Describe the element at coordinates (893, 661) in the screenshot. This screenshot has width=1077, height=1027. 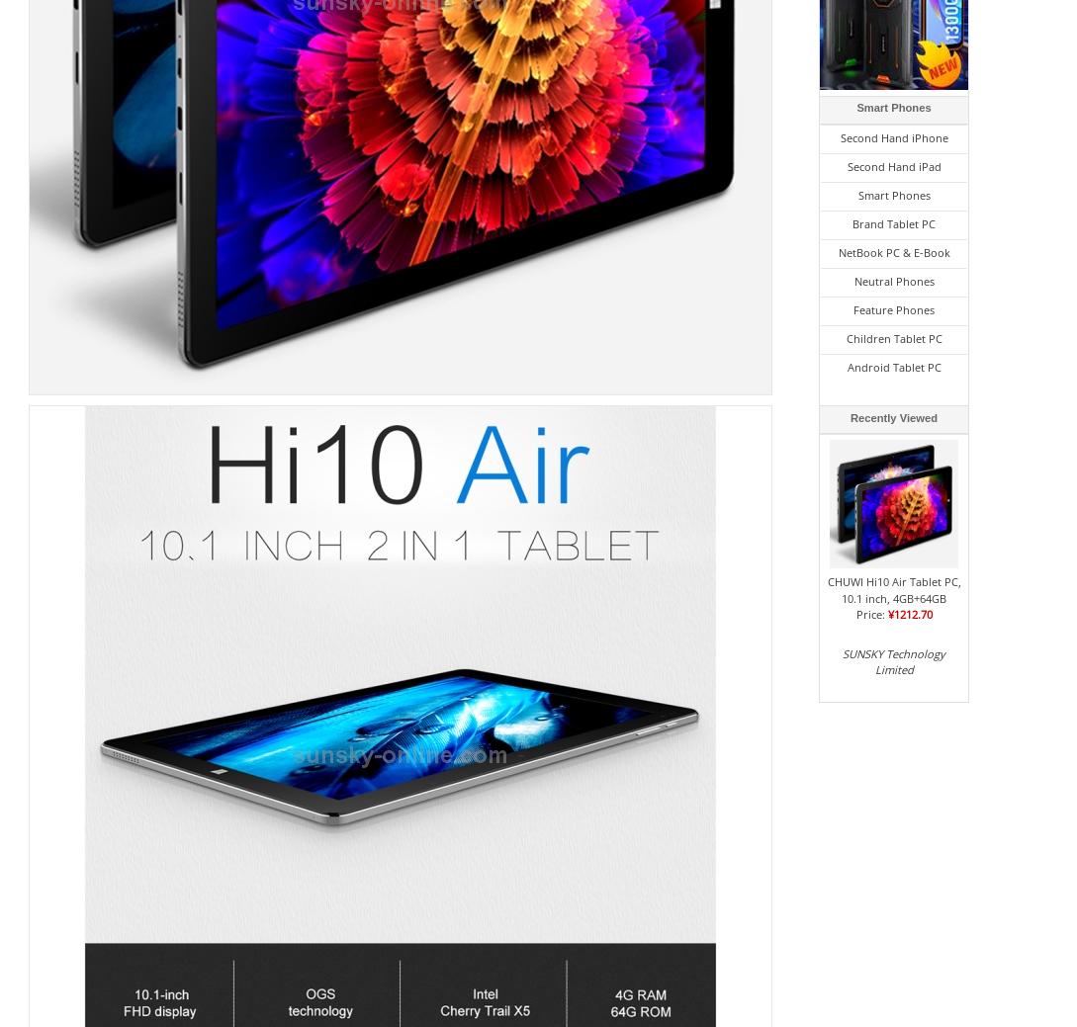
I see `'SUNSKY Technology Limited'` at that location.